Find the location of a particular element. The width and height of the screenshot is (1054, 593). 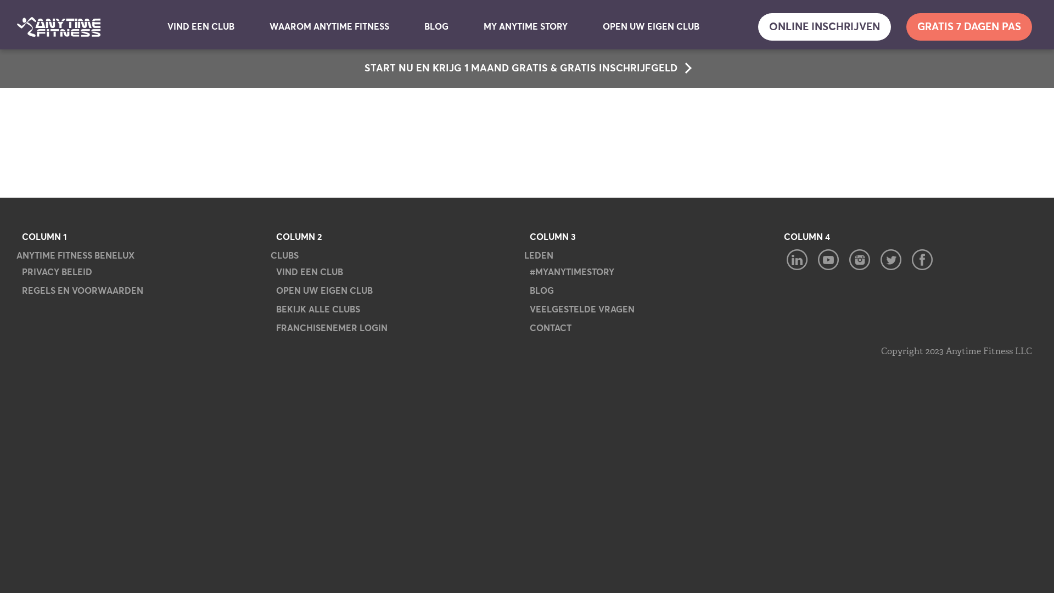

'GRATIS 7 DAGEN PAS' is located at coordinates (969, 26).